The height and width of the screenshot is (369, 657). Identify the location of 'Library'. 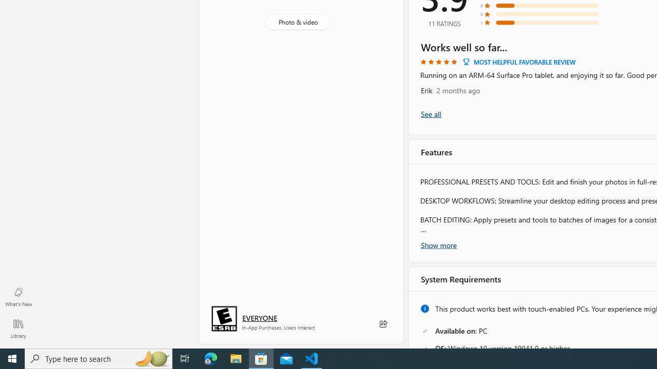
(18, 328).